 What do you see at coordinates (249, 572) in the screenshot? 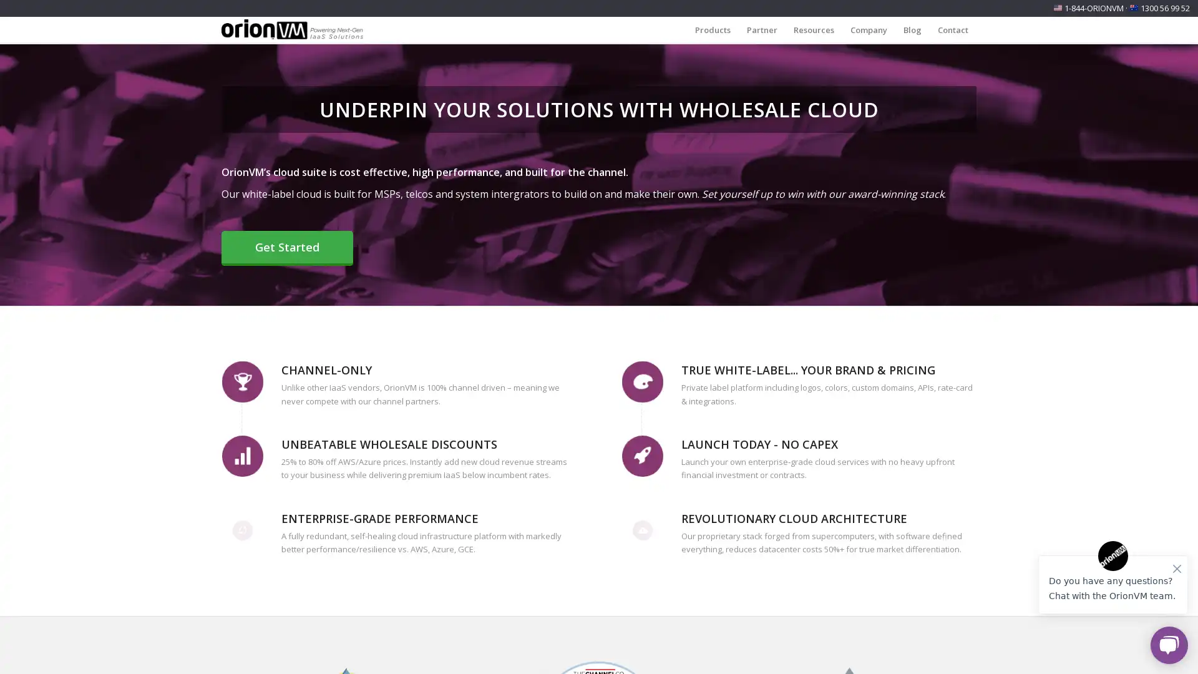
I see `Close` at bounding box center [249, 572].